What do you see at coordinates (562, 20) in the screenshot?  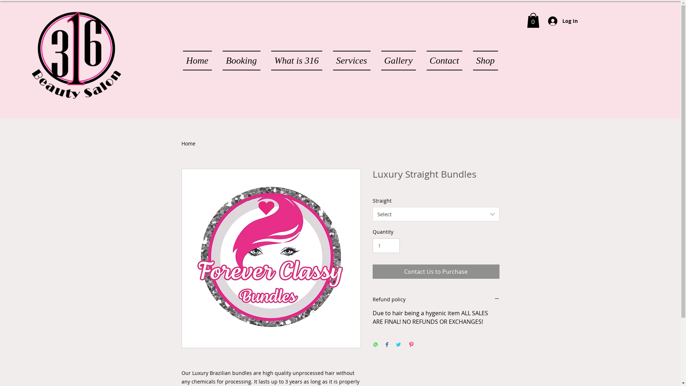 I see `'Log In'` at bounding box center [562, 20].